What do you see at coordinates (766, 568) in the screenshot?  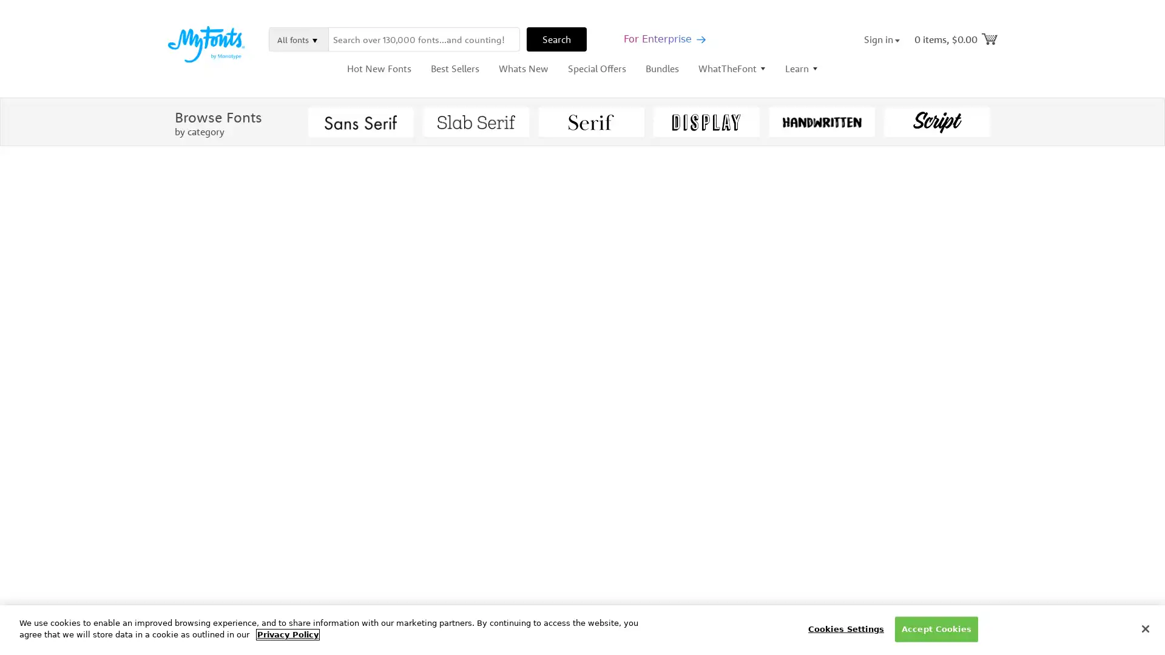 I see `Buying Choices` at bounding box center [766, 568].